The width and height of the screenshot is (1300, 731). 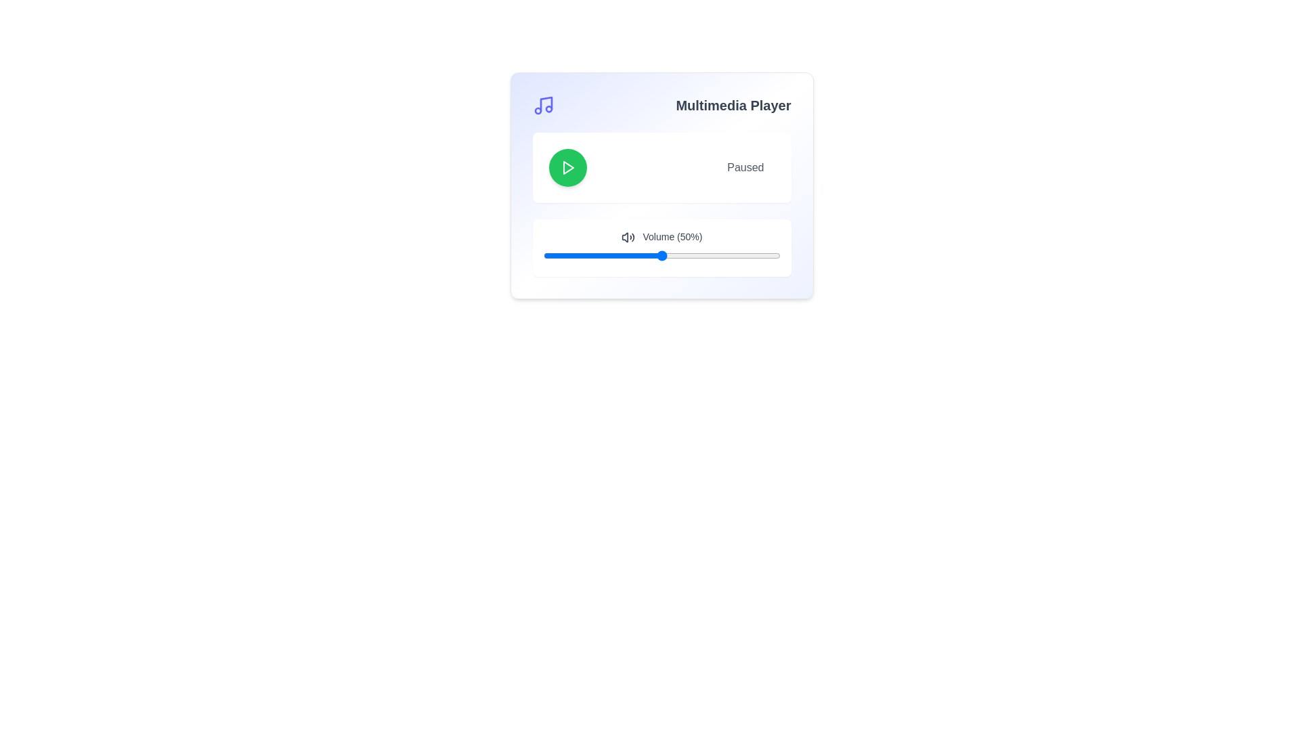 I want to click on the volume slider, so click(x=673, y=256).